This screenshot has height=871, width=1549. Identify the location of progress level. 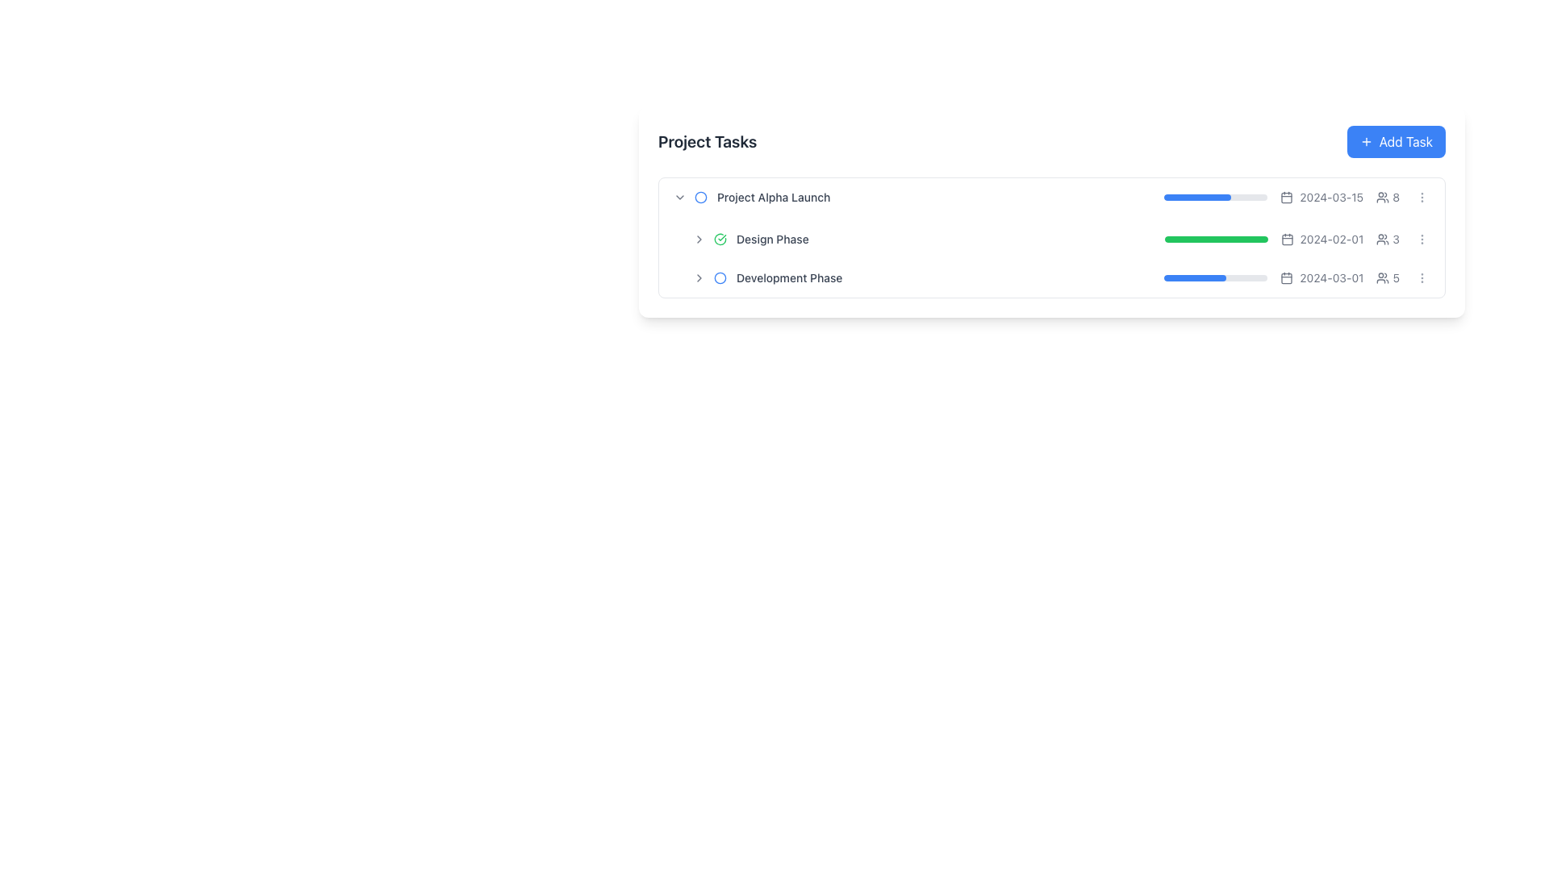
(1227, 240).